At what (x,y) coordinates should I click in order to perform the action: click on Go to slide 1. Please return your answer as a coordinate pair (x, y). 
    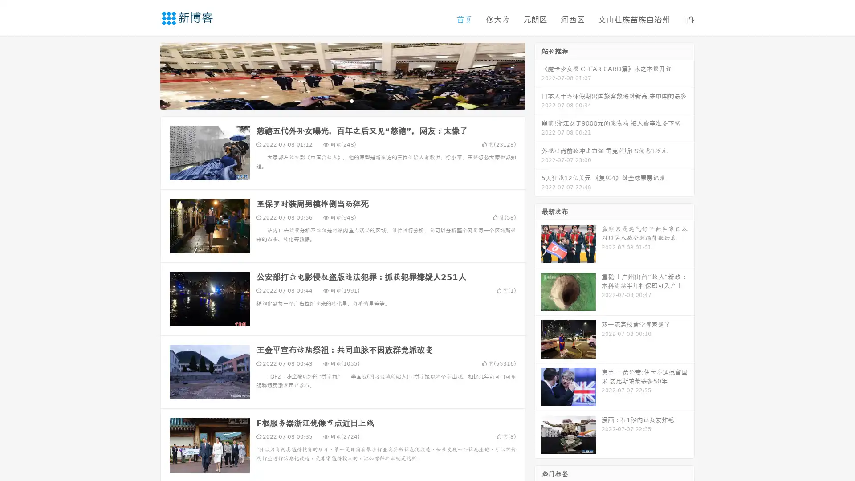
    Looking at the image, I should click on (333, 100).